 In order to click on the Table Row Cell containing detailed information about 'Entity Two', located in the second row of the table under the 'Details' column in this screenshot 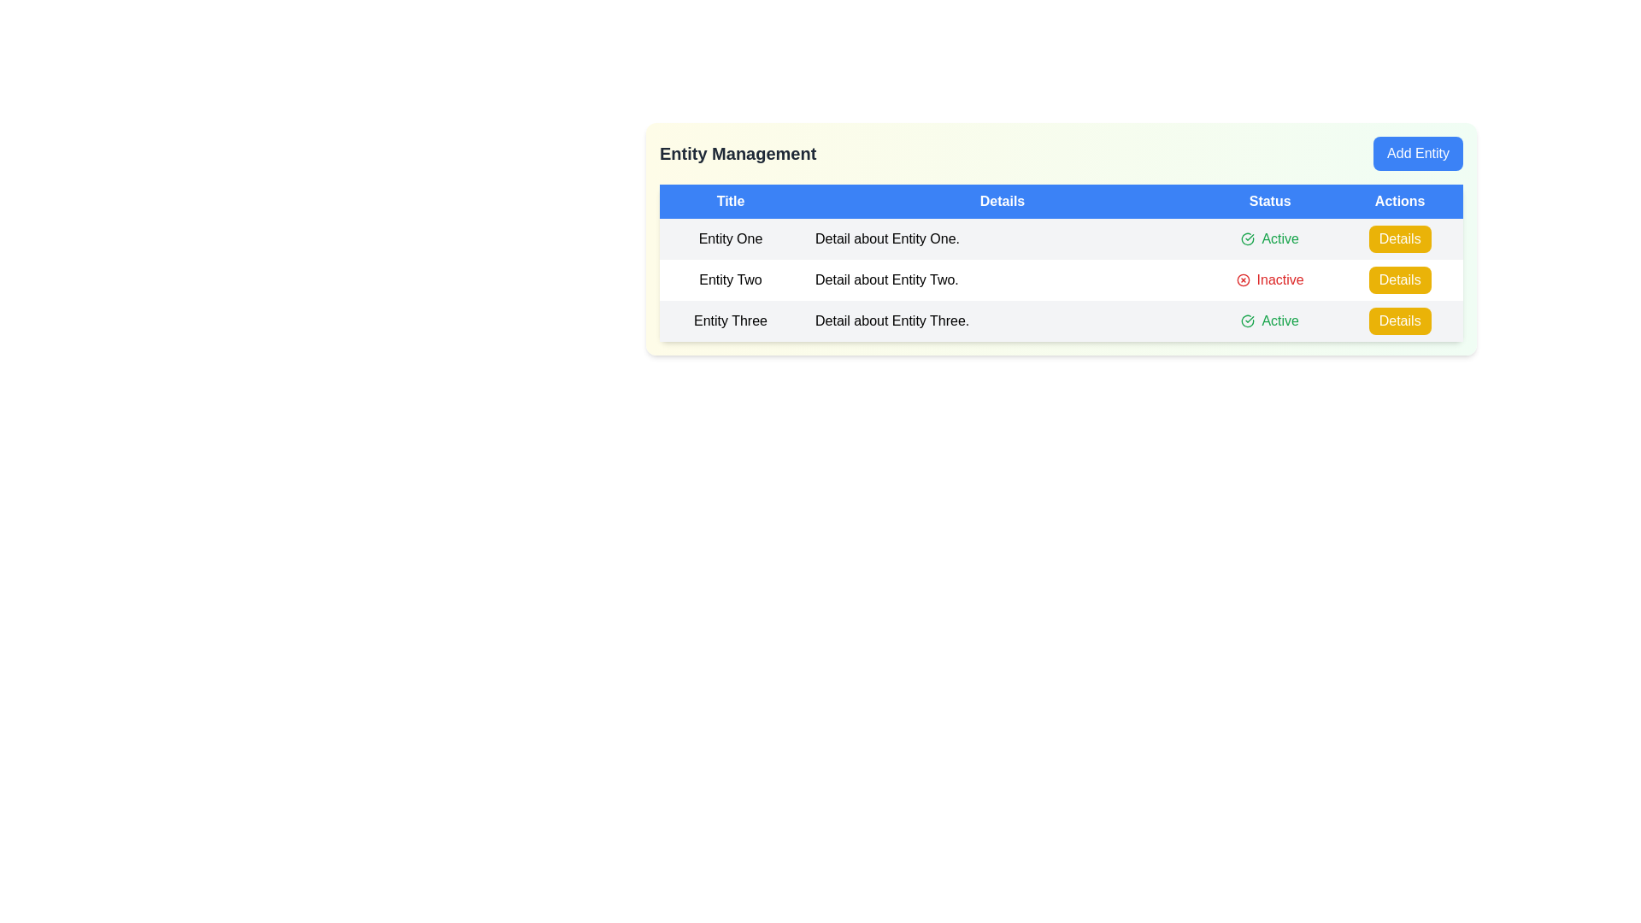, I will do `click(1061, 279)`.